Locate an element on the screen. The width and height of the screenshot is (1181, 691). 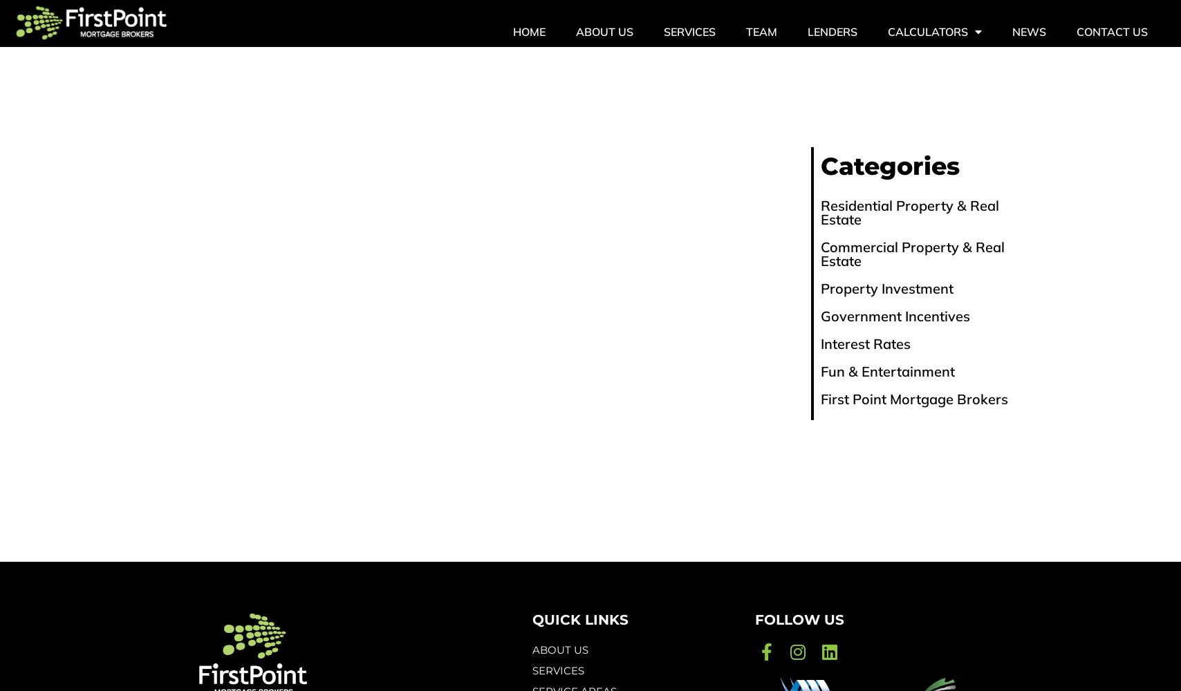
'Lenders' is located at coordinates (832, 32).